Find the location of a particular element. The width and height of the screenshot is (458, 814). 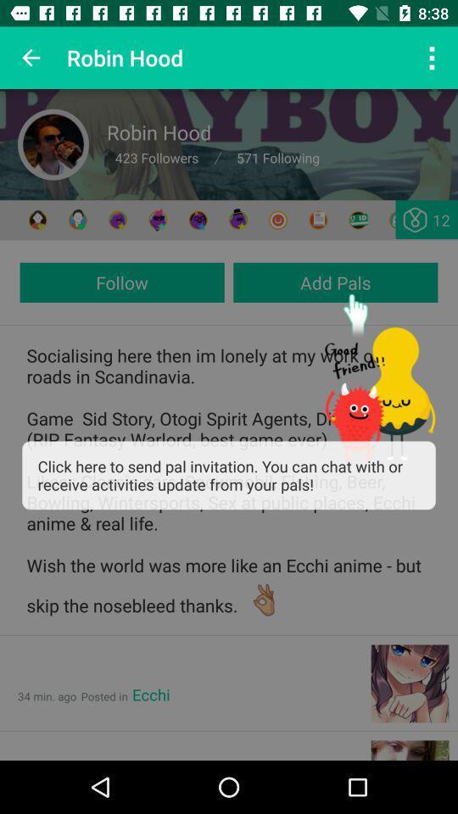

chat with others is located at coordinates (76, 219).